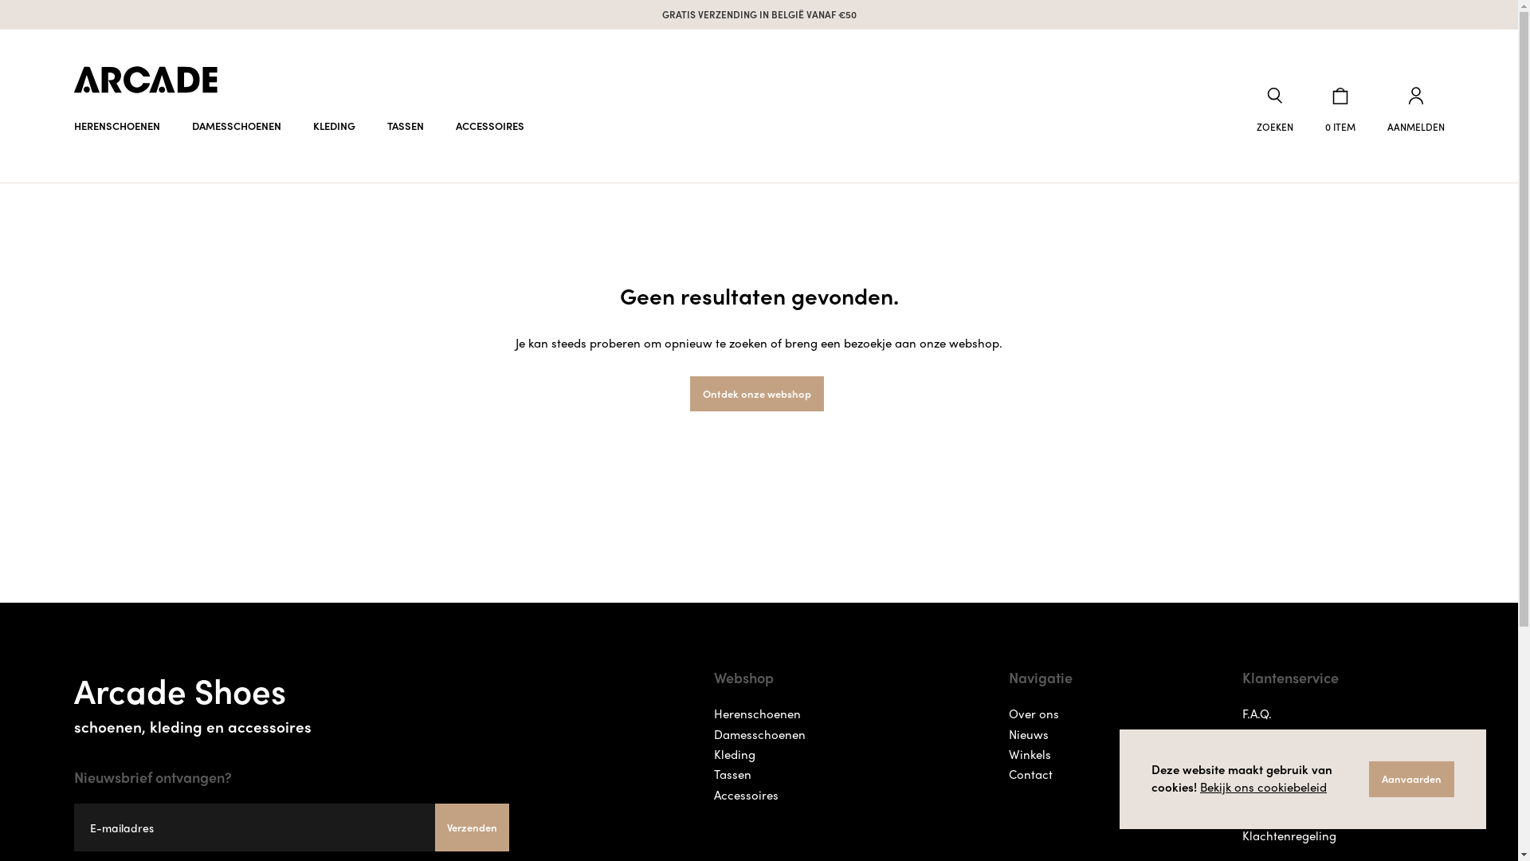  Describe the element at coordinates (115, 124) in the screenshot. I see `'HERENSCHOENEN'` at that location.